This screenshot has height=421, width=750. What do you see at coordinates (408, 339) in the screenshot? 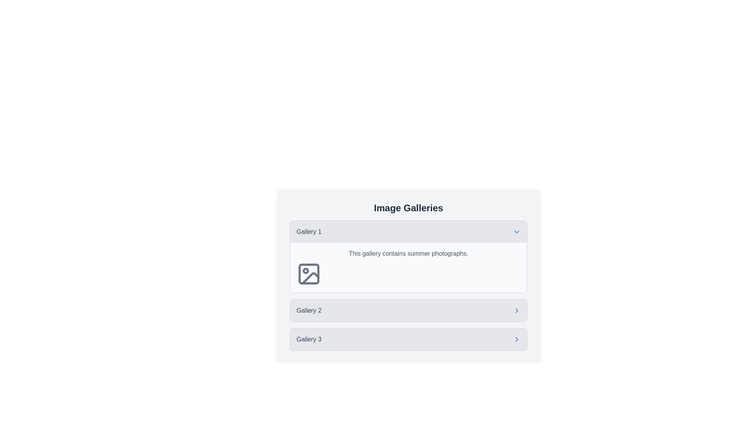
I see `the navigational button located below 'Gallery 2'` at bounding box center [408, 339].